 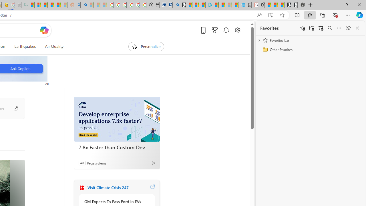 What do you see at coordinates (156, 5) in the screenshot?
I see `'Wallet'` at bounding box center [156, 5].